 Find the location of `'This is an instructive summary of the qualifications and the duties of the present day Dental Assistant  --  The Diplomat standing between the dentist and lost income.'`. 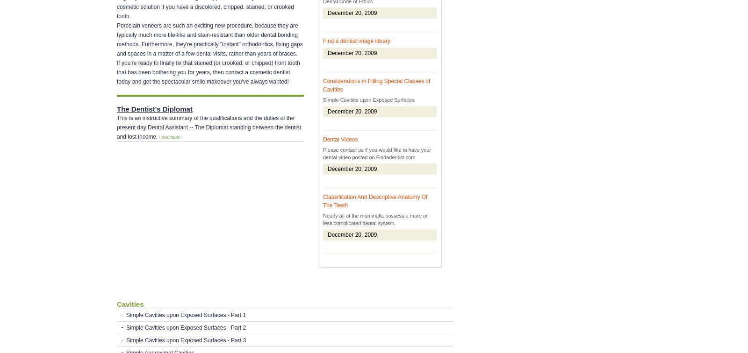

'This is an instructive summary of the qualifications and the duties of the present day Dental Assistant  --  The Diplomat standing between the dentist and lost income.' is located at coordinates (209, 127).